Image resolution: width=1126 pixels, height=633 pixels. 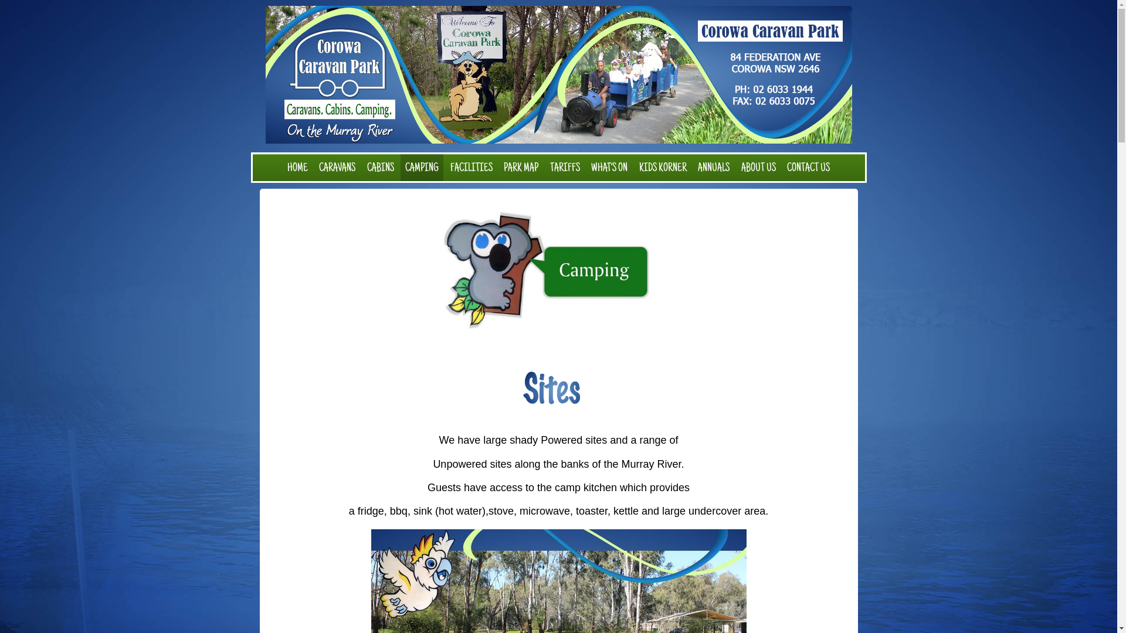 What do you see at coordinates (713, 168) in the screenshot?
I see `'ANNUALS'` at bounding box center [713, 168].